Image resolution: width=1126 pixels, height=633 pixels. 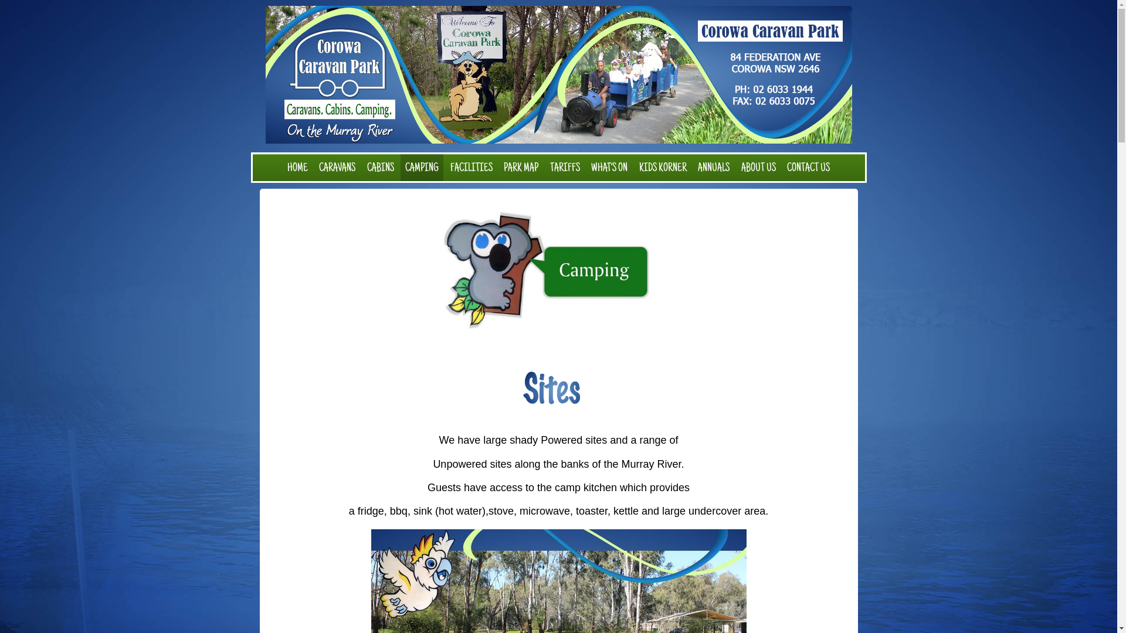 What do you see at coordinates (713, 168) in the screenshot?
I see `'ANNUALS'` at bounding box center [713, 168].